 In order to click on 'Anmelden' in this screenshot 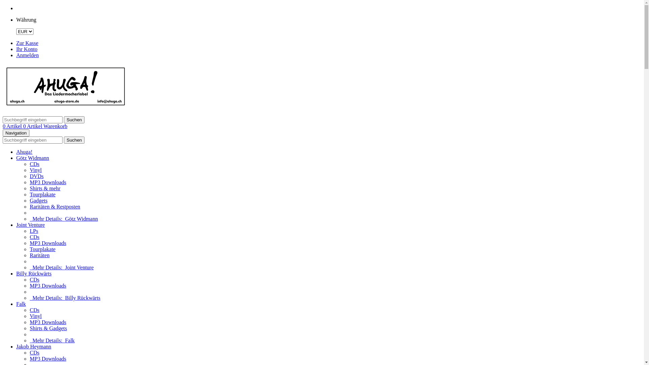, I will do `click(16, 55)`.